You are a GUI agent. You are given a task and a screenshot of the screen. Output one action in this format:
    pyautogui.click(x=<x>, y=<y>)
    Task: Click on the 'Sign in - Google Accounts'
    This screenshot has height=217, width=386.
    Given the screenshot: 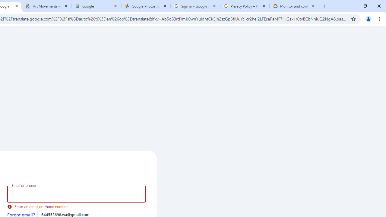 What is the action you would take?
    pyautogui.click(x=195, y=6)
    